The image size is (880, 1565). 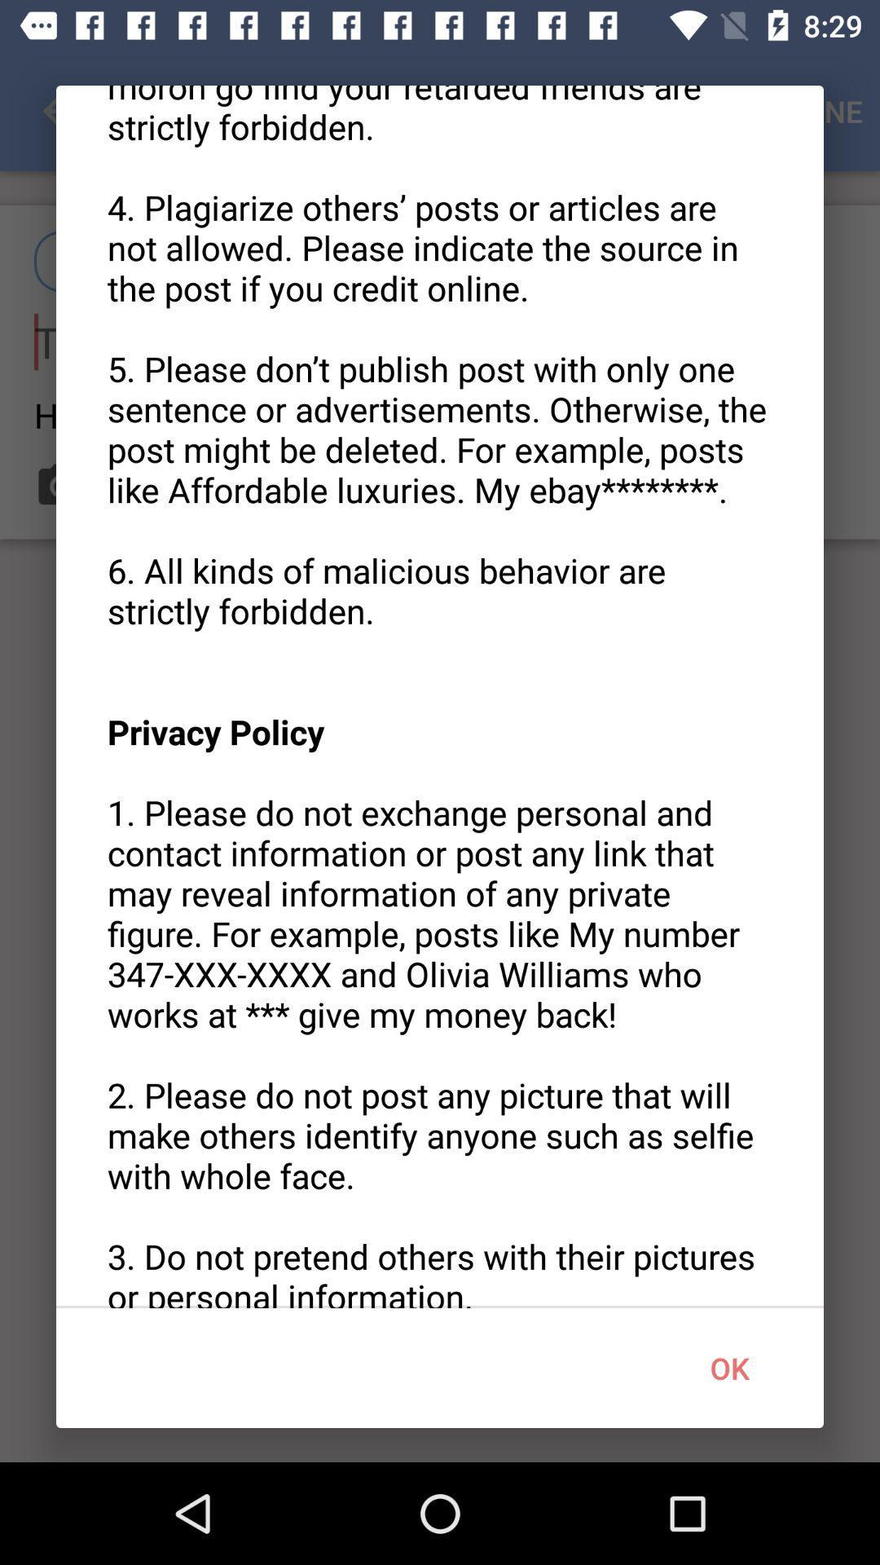 What do you see at coordinates (728, 1368) in the screenshot?
I see `the ok item` at bounding box center [728, 1368].